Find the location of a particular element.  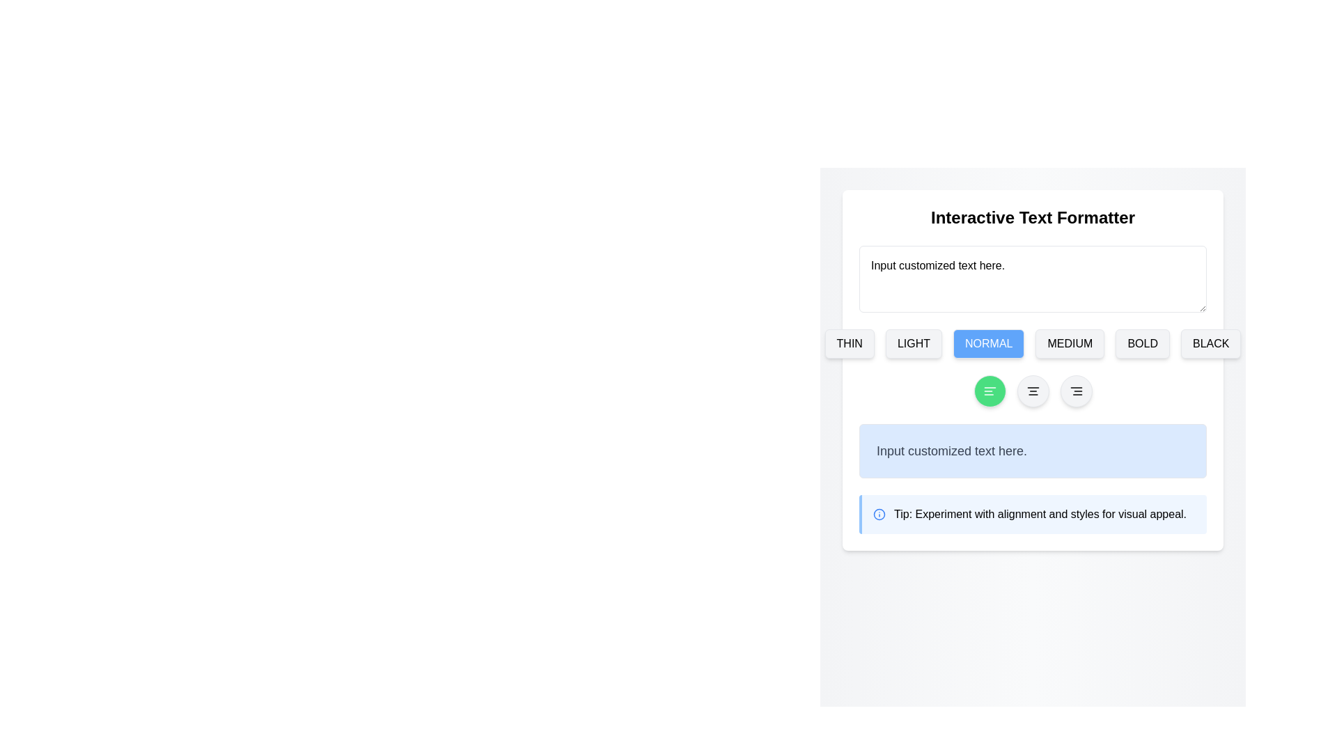

the sixth button labeled 'BLACK' which is a light gray rectangular button with rounded borders to trigger a tooltip or highlight effect is located at coordinates (1210, 343).